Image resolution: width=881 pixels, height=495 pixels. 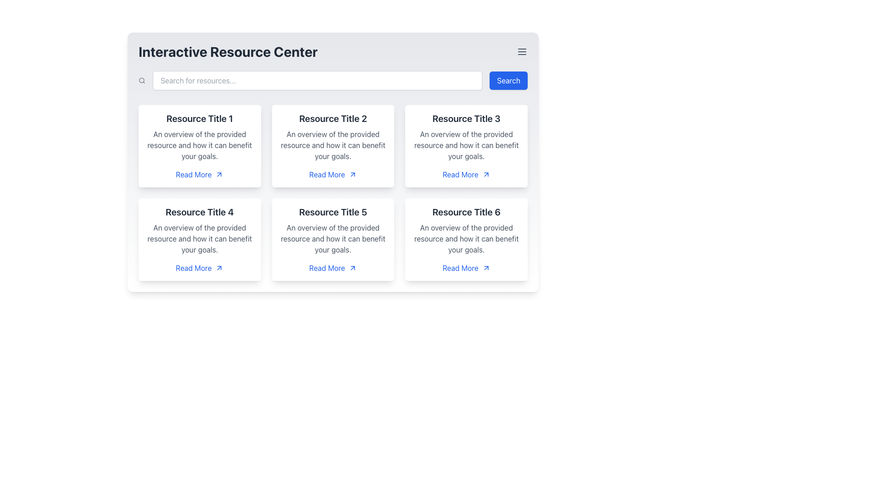 I want to click on the title Text Label in the third card of a grid layout to identify the resource by its name, so click(x=466, y=118).